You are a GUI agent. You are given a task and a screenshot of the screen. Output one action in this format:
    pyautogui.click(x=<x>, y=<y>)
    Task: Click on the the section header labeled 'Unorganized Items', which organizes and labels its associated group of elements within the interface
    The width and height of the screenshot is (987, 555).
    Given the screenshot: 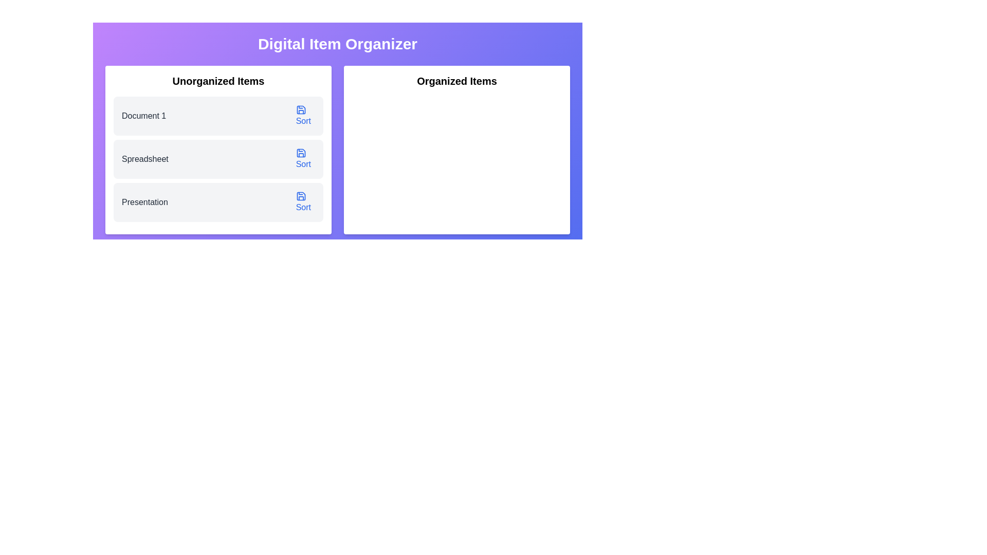 What is the action you would take?
    pyautogui.click(x=218, y=81)
    